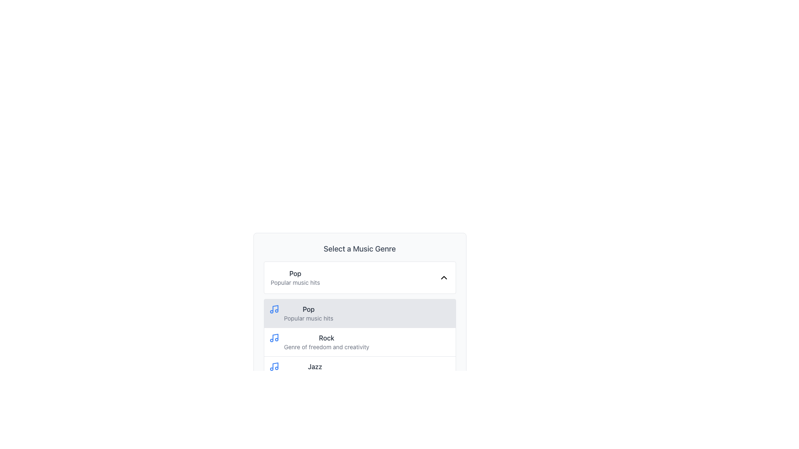  What do you see at coordinates (275, 308) in the screenshot?
I see `the Graphical Icon that represents the 'Pop' music genre, which is the first symbol in a group of genre graphics located to the left of the text label 'Pop' in a dropdown menu` at bounding box center [275, 308].